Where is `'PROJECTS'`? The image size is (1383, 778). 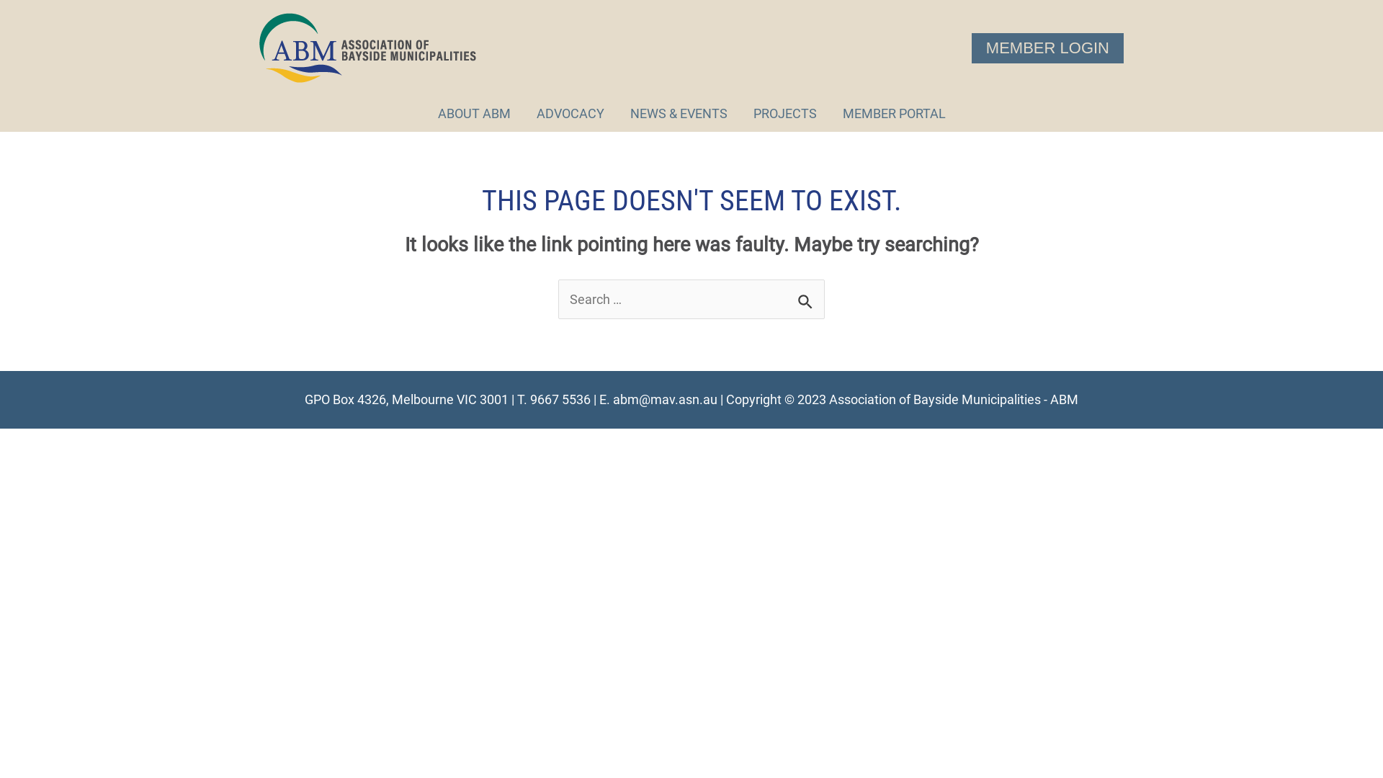 'PROJECTS' is located at coordinates (784, 113).